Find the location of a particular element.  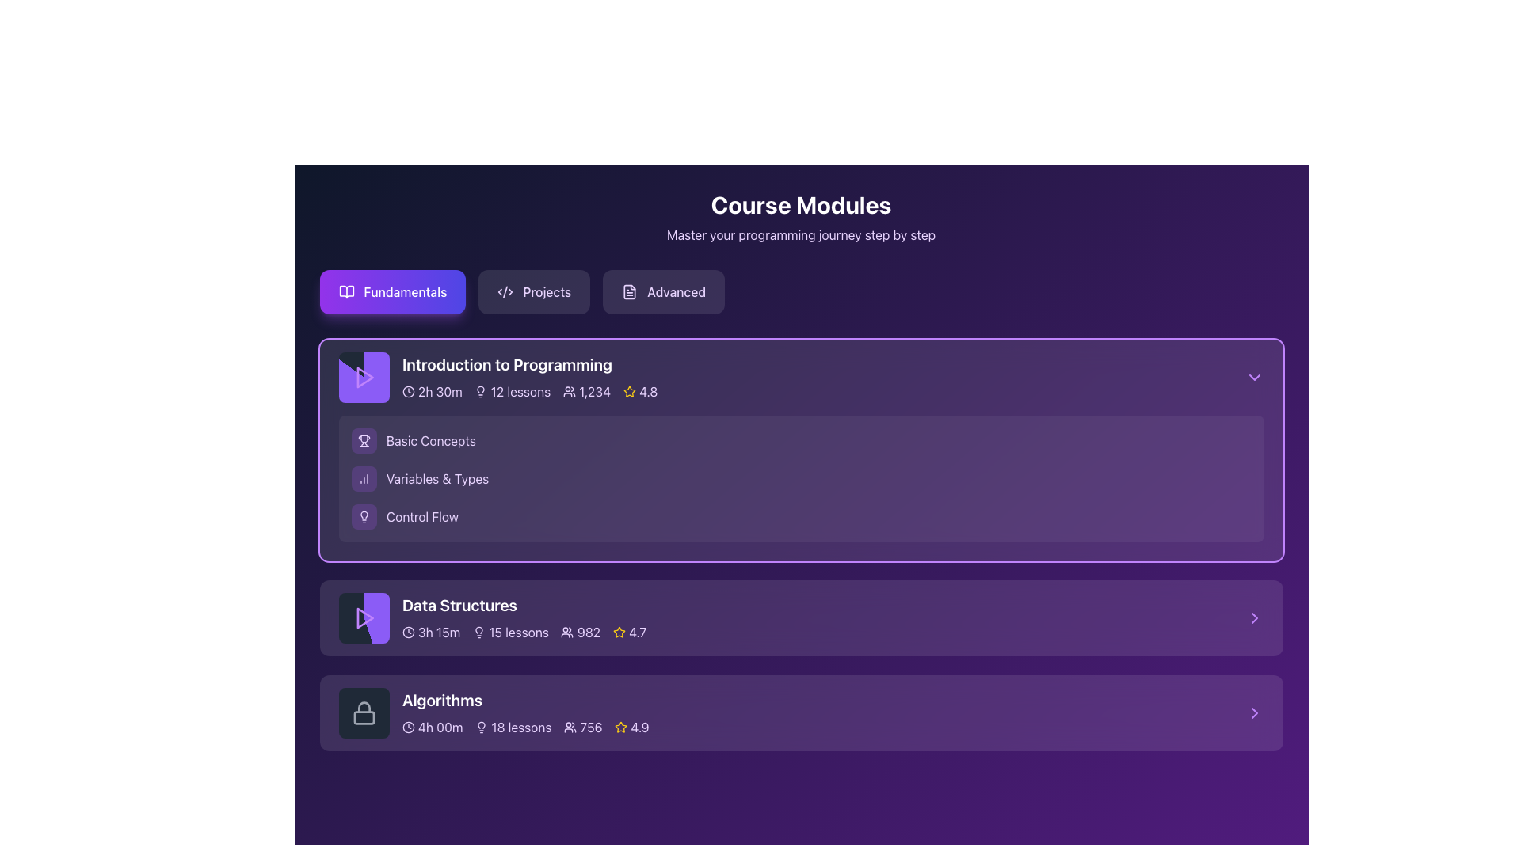

the play button located in the left section of the 'Data Structures' module card to initiate playback or access related content is located at coordinates (363, 617).